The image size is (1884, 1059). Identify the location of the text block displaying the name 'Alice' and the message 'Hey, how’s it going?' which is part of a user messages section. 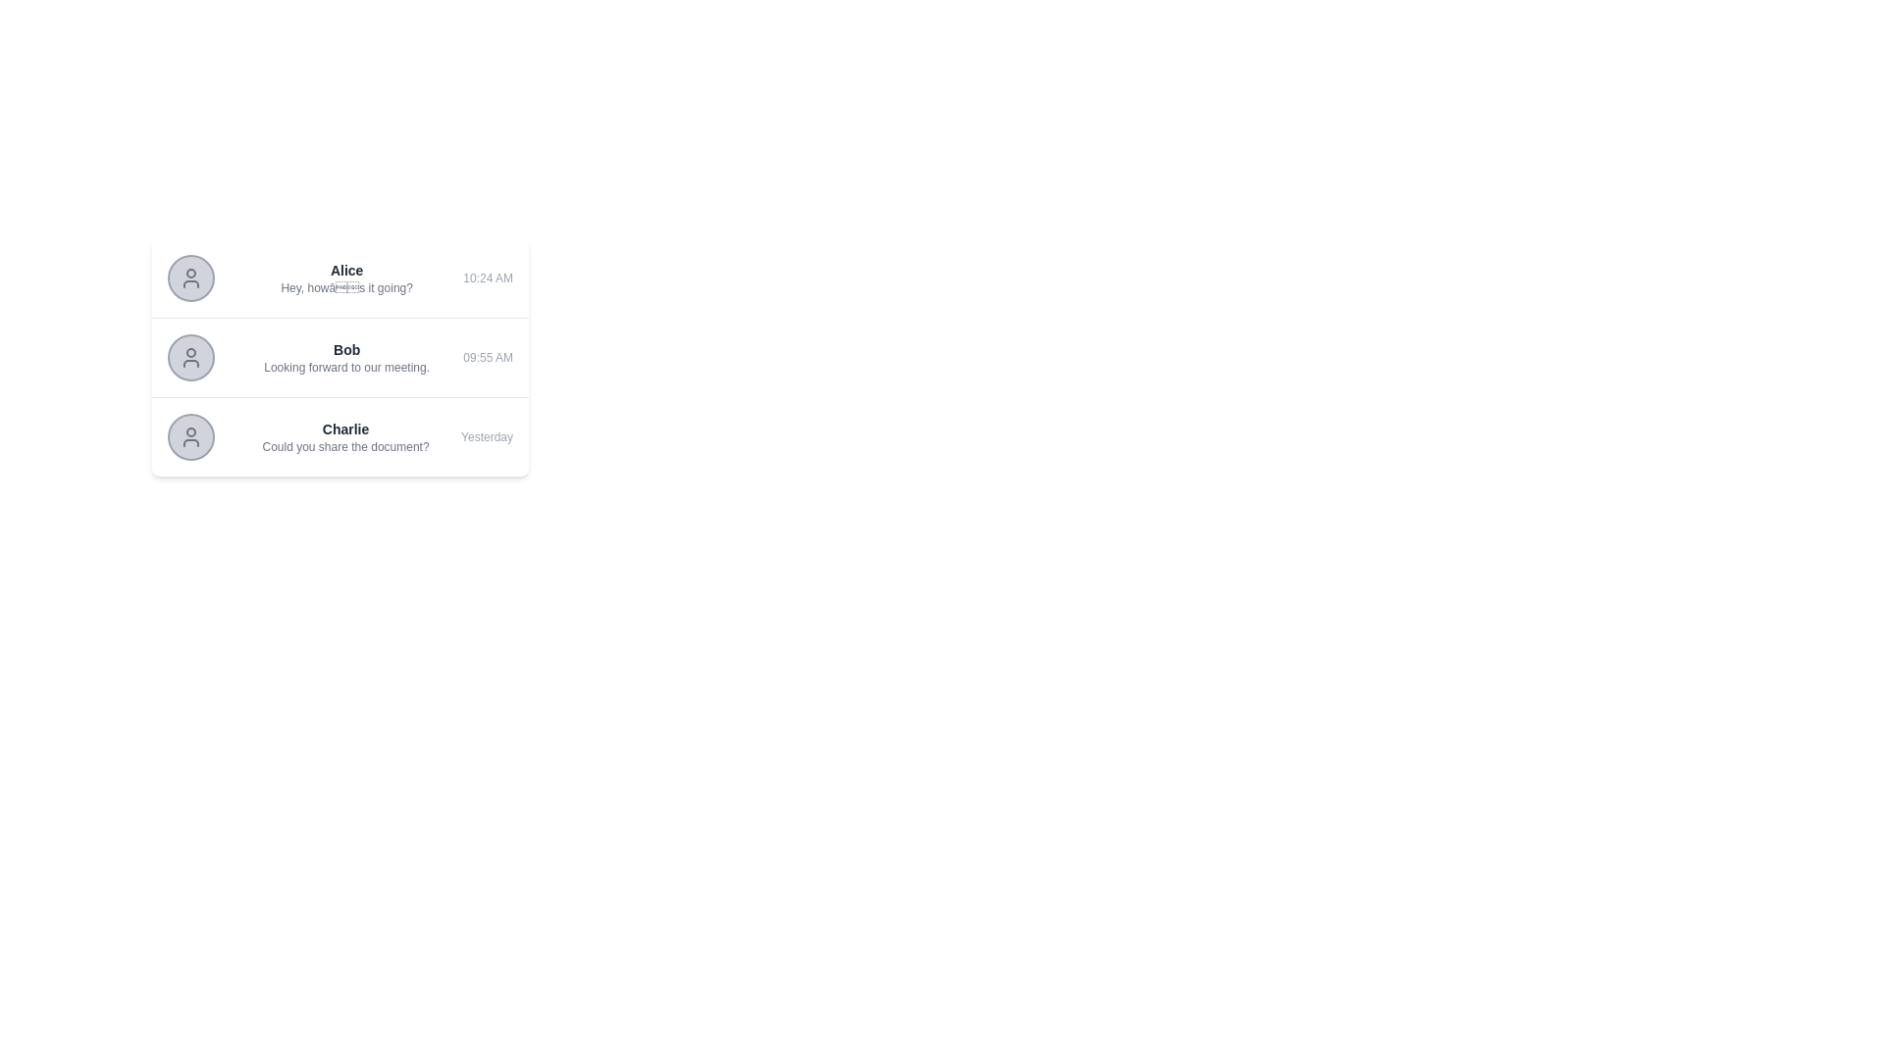
(346, 278).